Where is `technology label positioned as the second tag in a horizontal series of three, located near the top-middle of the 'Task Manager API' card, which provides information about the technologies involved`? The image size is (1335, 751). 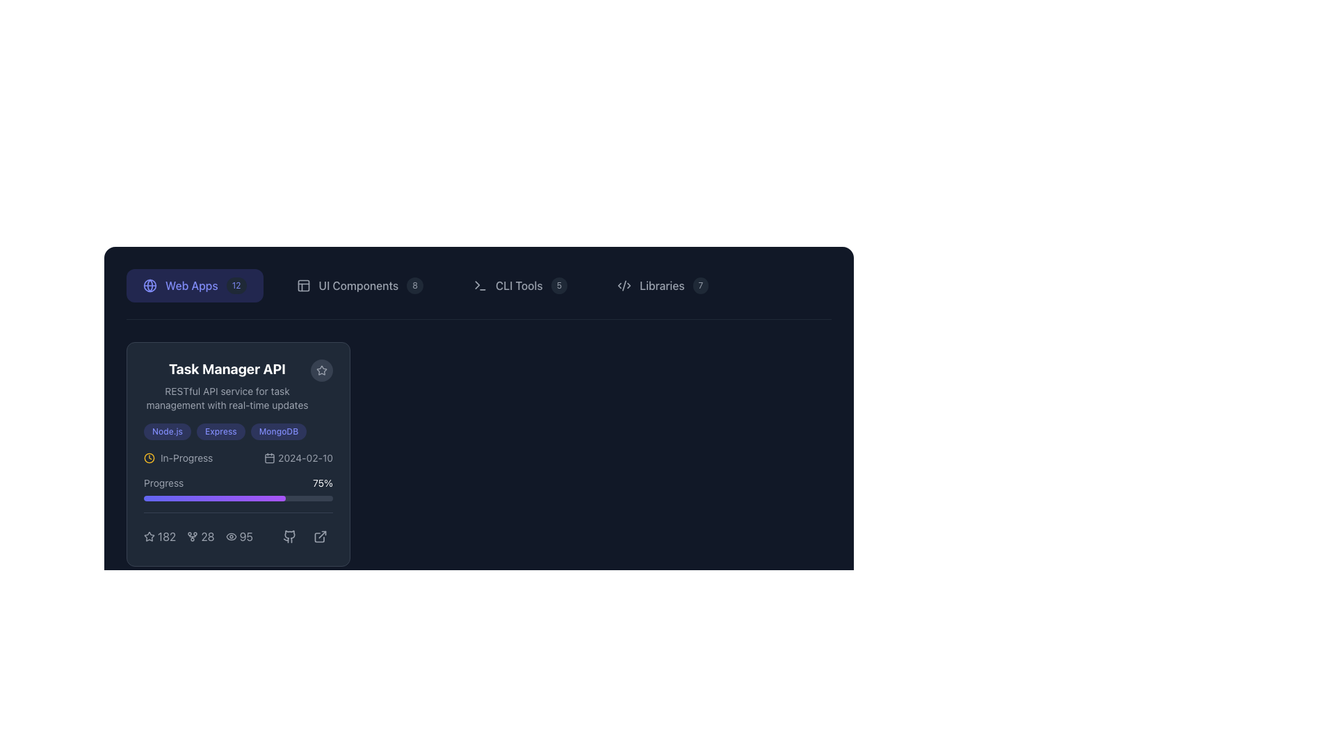 technology label positioned as the second tag in a horizontal series of three, located near the top-middle of the 'Task Manager API' card, which provides information about the technologies involved is located at coordinates (220, 431).